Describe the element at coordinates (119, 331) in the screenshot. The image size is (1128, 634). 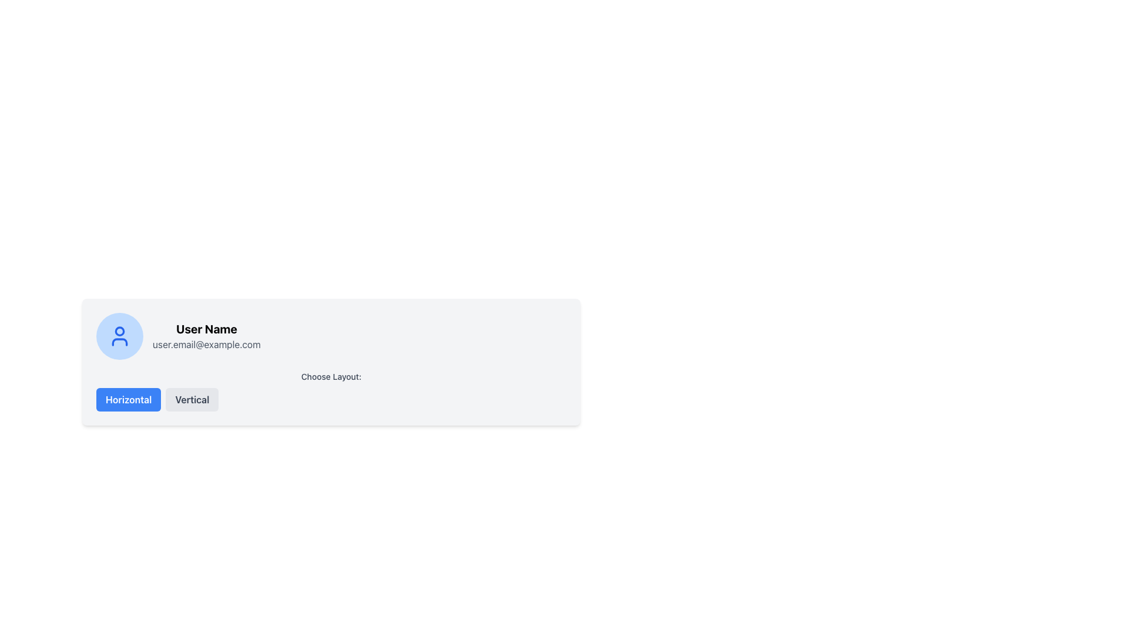
I see `the circle element that represents a user profile, located at the top of the user profile icon` at that location.